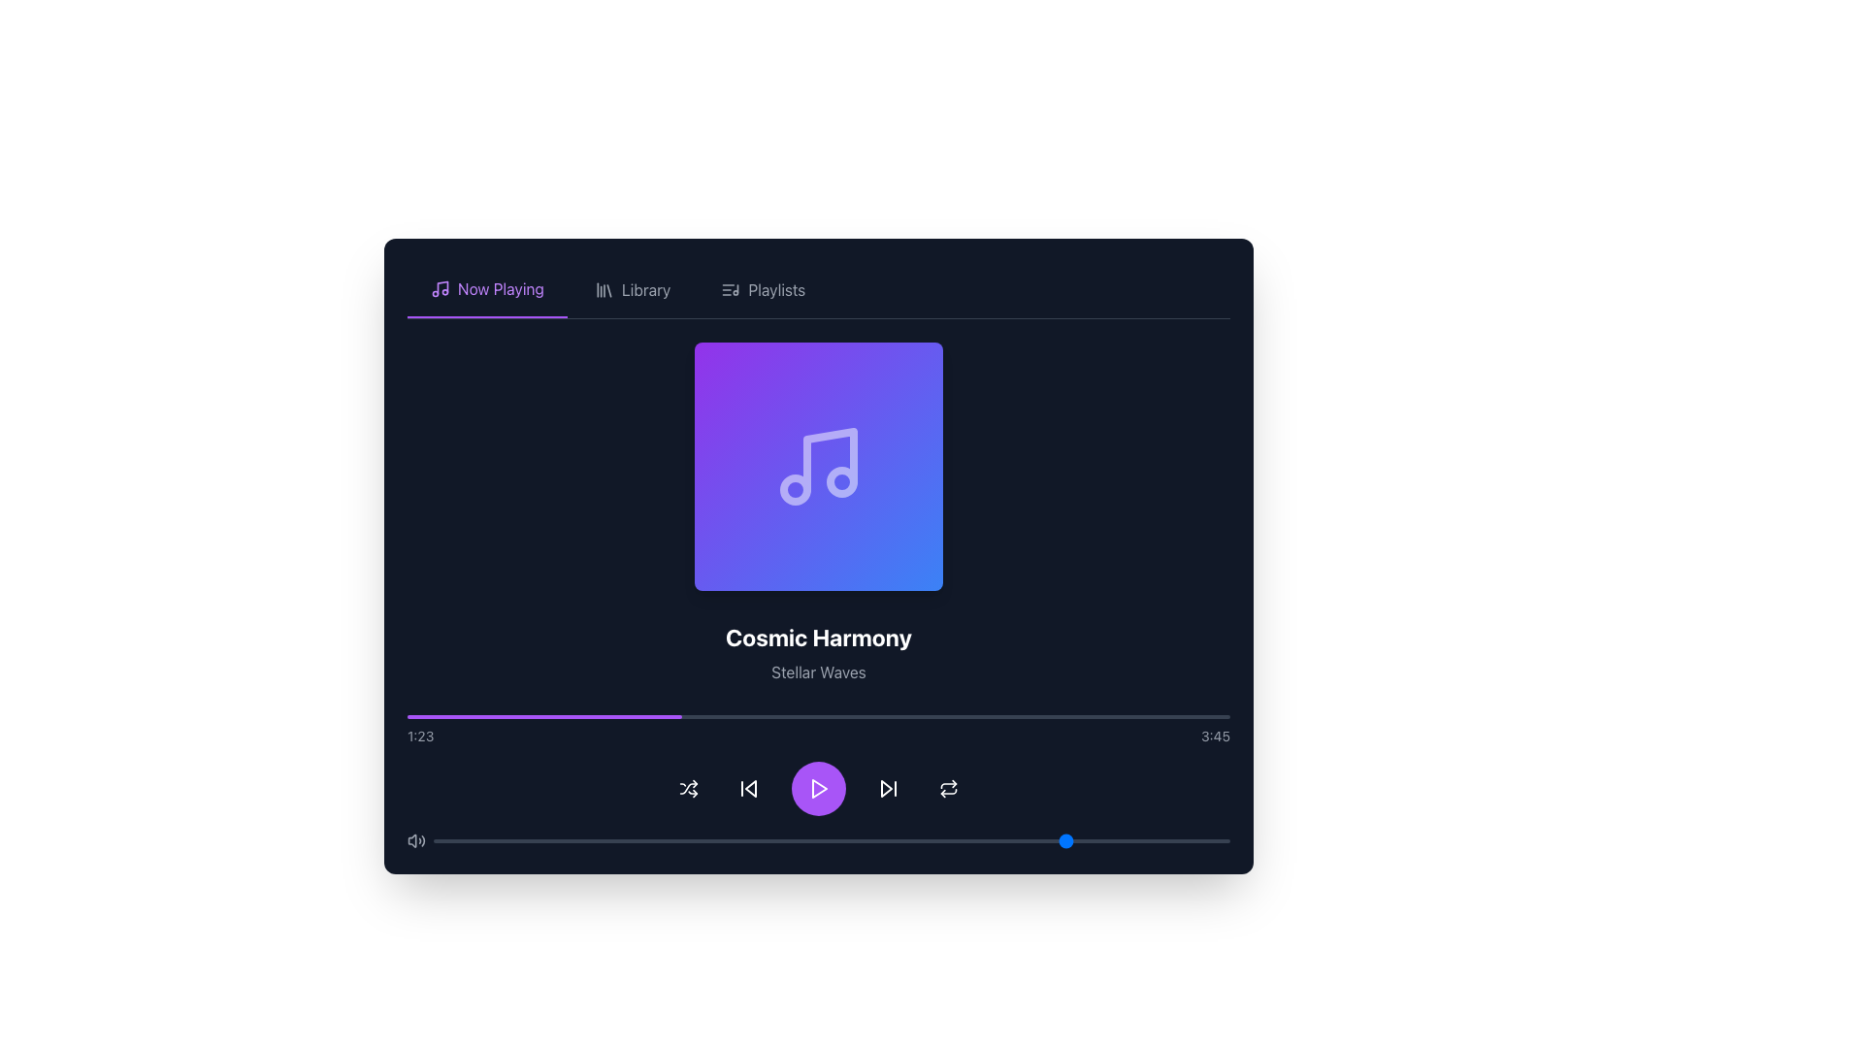 This screenshot has height=1048, width=1863. Describe the element at coordinates (501, 288) in the screenshot. I see `the 'Now Playing' navigation item in the top-left horizontal navigation bar` at that location.